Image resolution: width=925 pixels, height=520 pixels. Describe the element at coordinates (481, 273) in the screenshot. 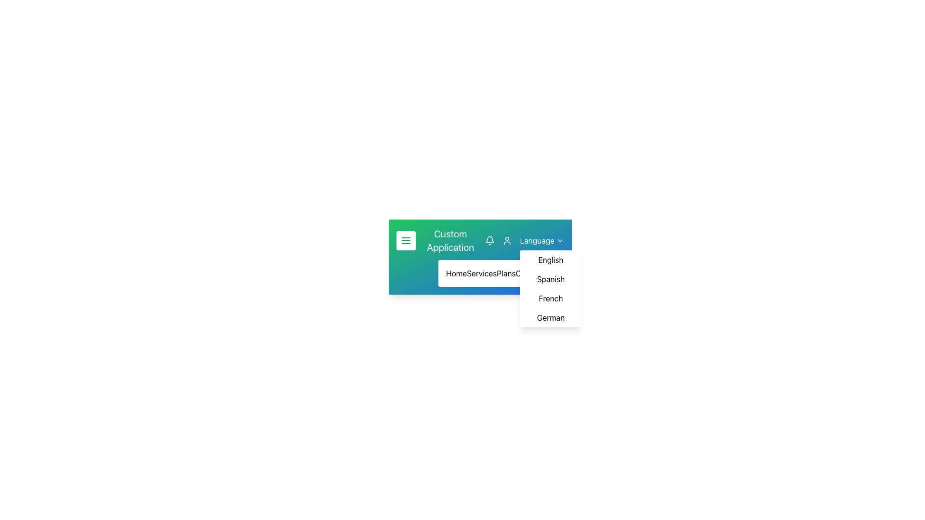

I see `the 'Services' text link` at that location.